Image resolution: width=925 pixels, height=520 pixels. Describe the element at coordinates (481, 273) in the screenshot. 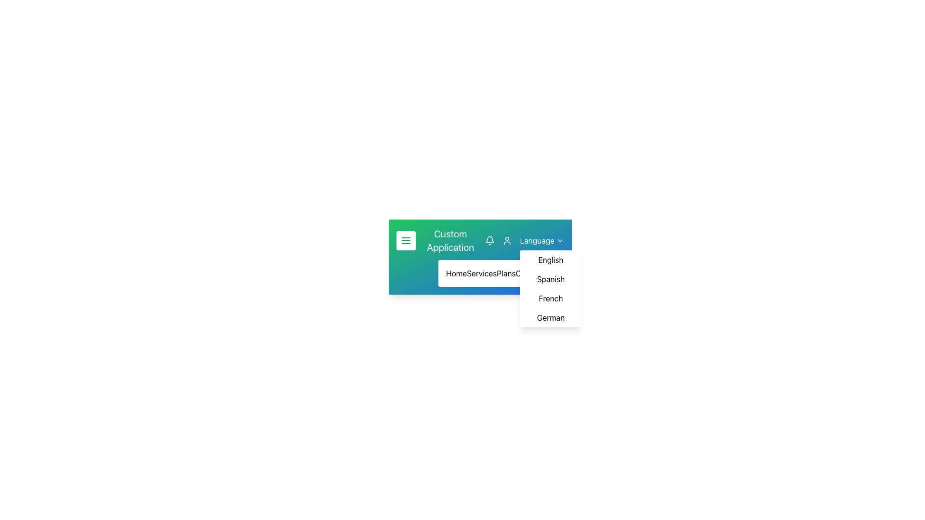

I see `the 'Services' text link` at that location.